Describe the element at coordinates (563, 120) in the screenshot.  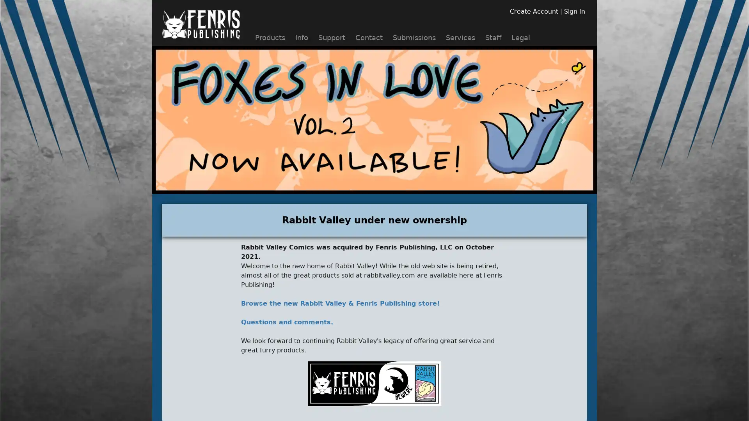
I see `Next` at that location.